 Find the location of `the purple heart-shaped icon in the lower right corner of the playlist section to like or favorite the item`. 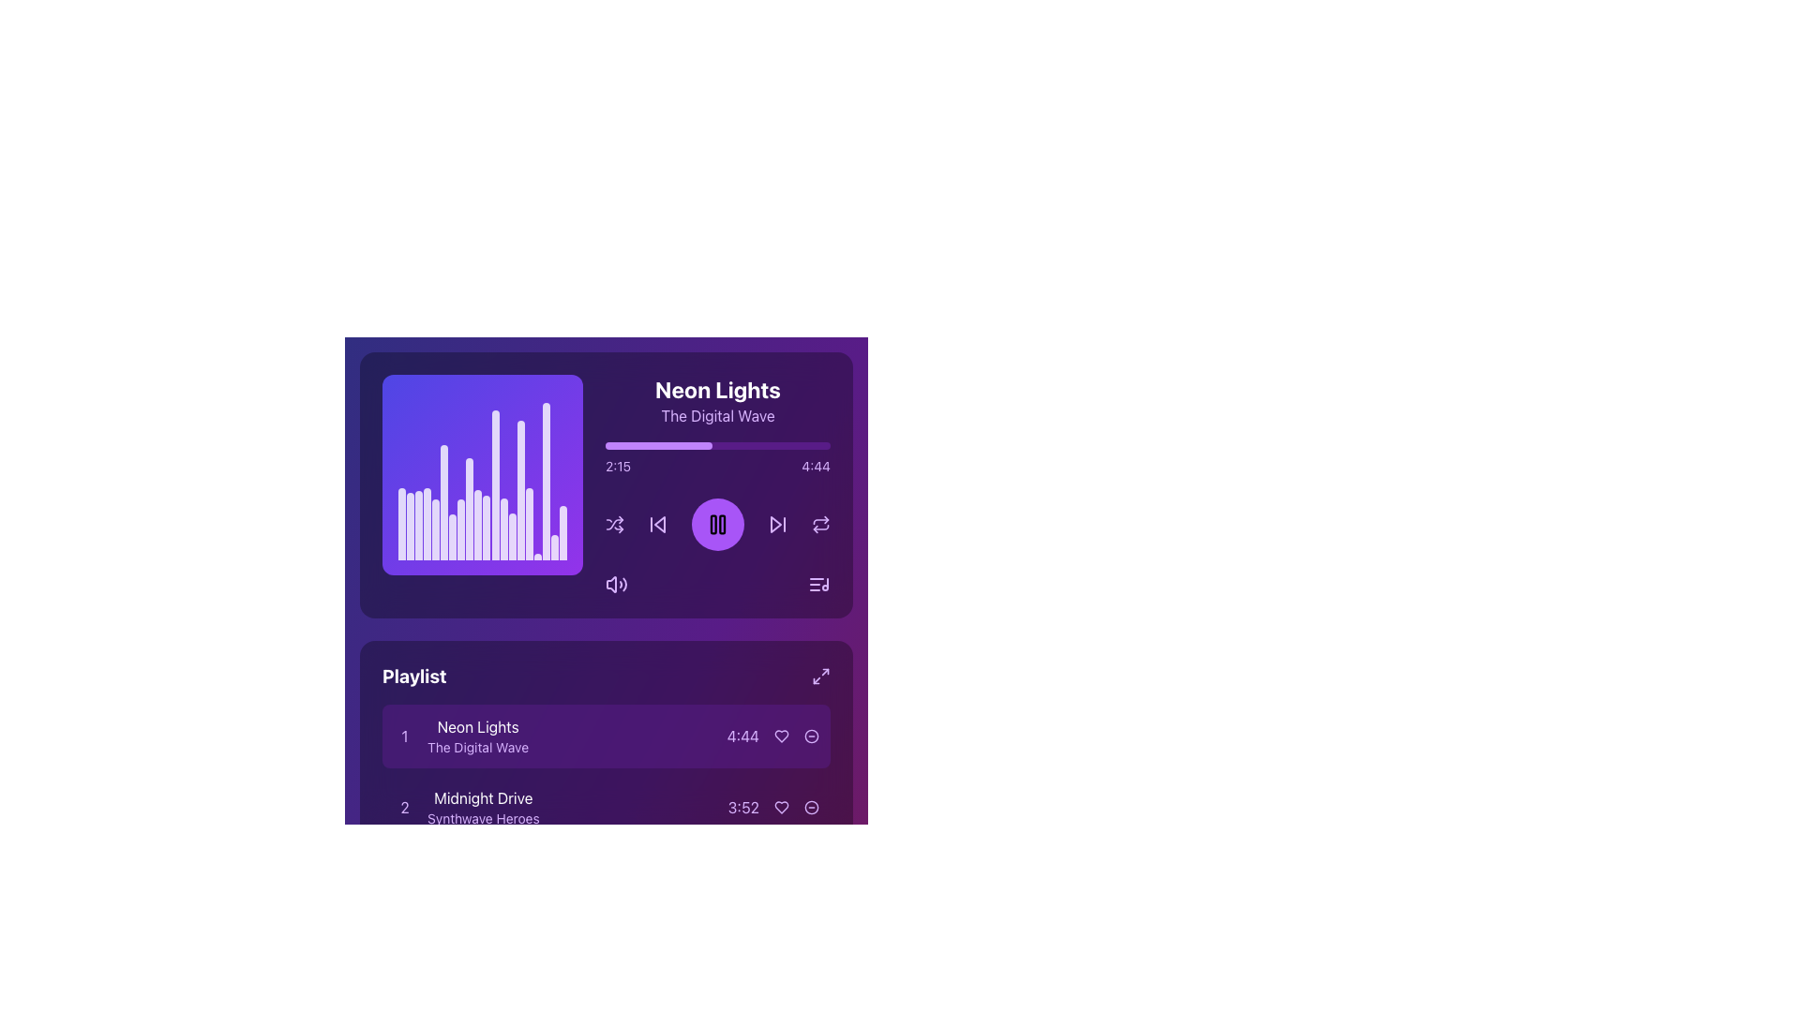

the purple heart-shaped icon in the lower right corner of the playlist section to like or favorite the item is located at coordinates (782, 736).